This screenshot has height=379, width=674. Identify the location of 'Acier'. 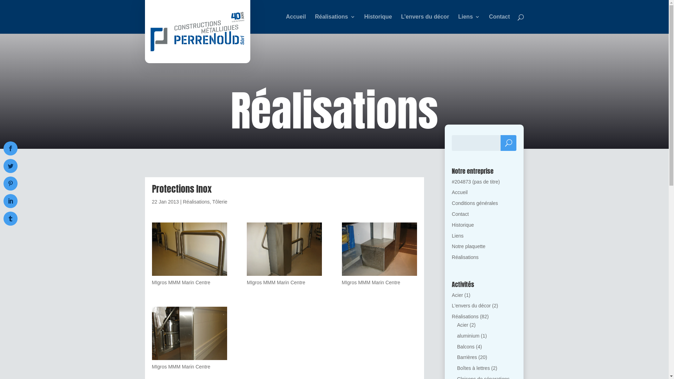
(457, 295).